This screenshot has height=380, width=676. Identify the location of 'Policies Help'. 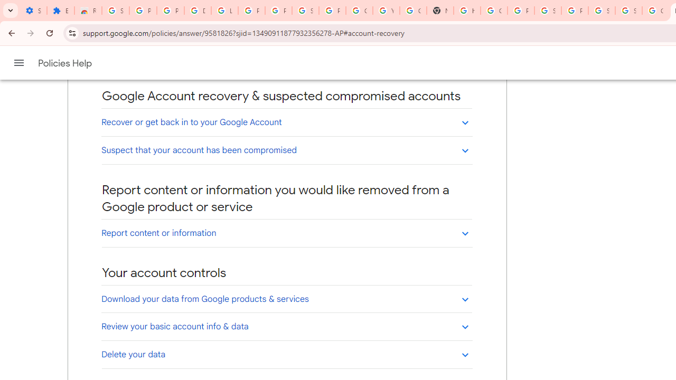
(65, 63).